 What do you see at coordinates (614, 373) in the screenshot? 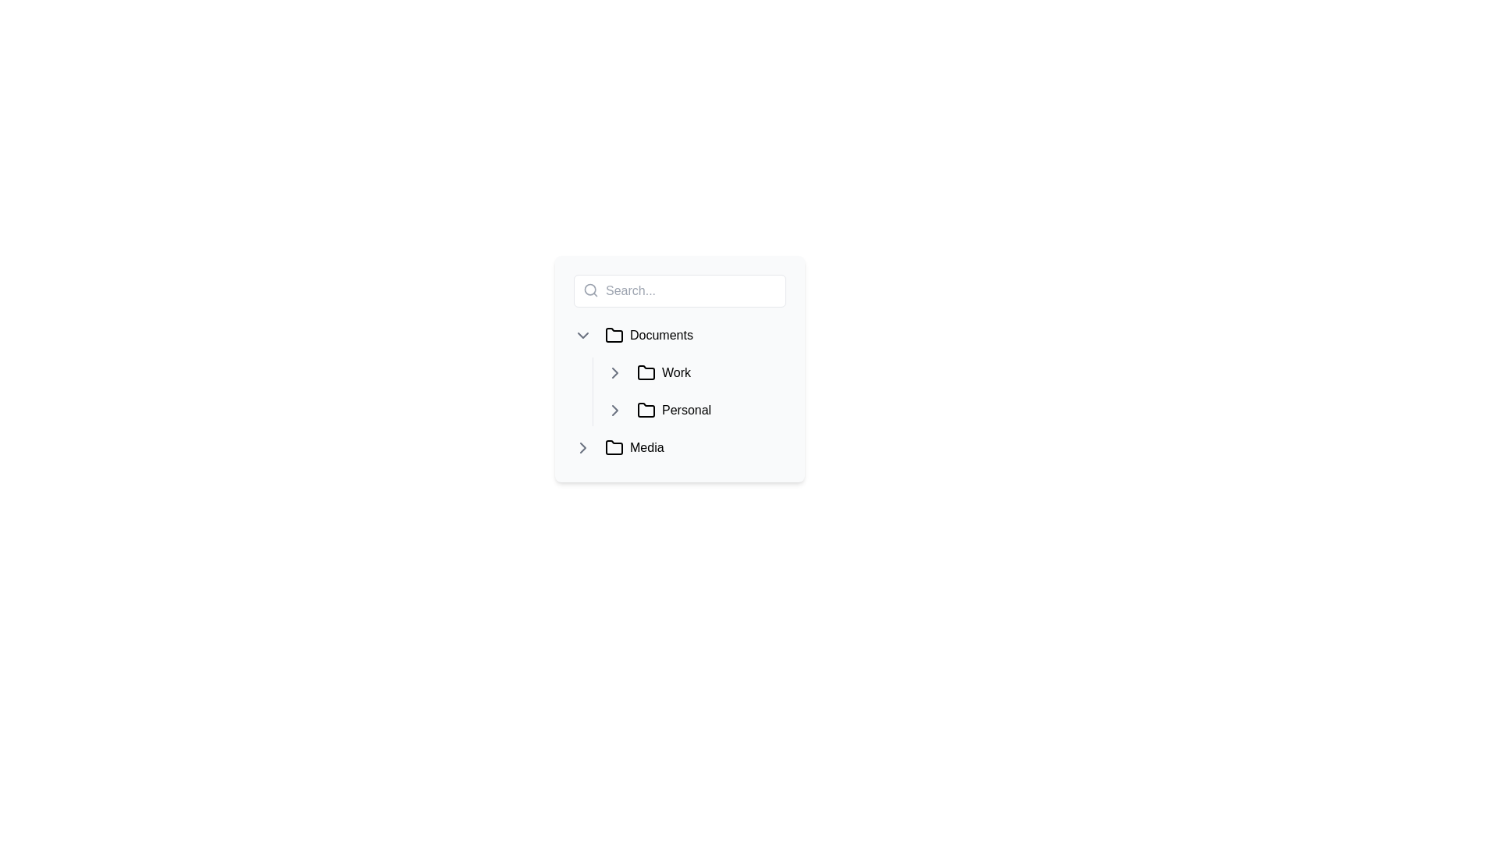
I see `the right-pointing arrow icon button located next to the 'Work' label` at bounding box center [614, 373].